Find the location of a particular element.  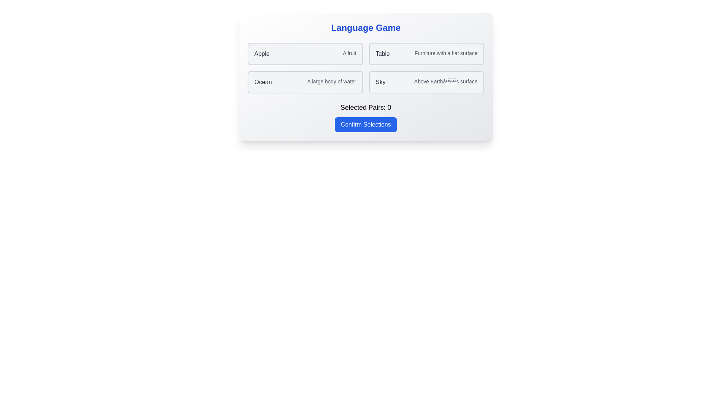

the word-definition pair Ocean - A large body of water is located at coordinates (305, 82).